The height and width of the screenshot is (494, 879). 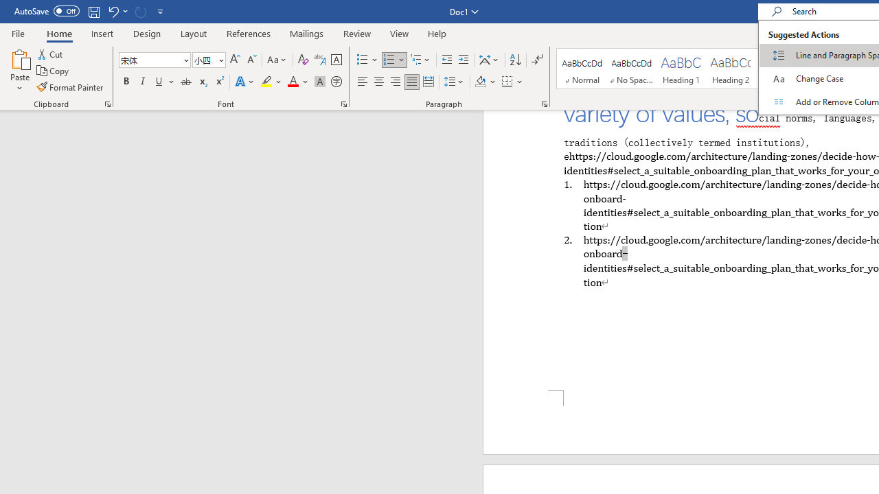 What do you see at coordinates (454, 82) in the screenshot?
I see `'Line and Paragraph Spacing'` at bounding box center [454, 82].